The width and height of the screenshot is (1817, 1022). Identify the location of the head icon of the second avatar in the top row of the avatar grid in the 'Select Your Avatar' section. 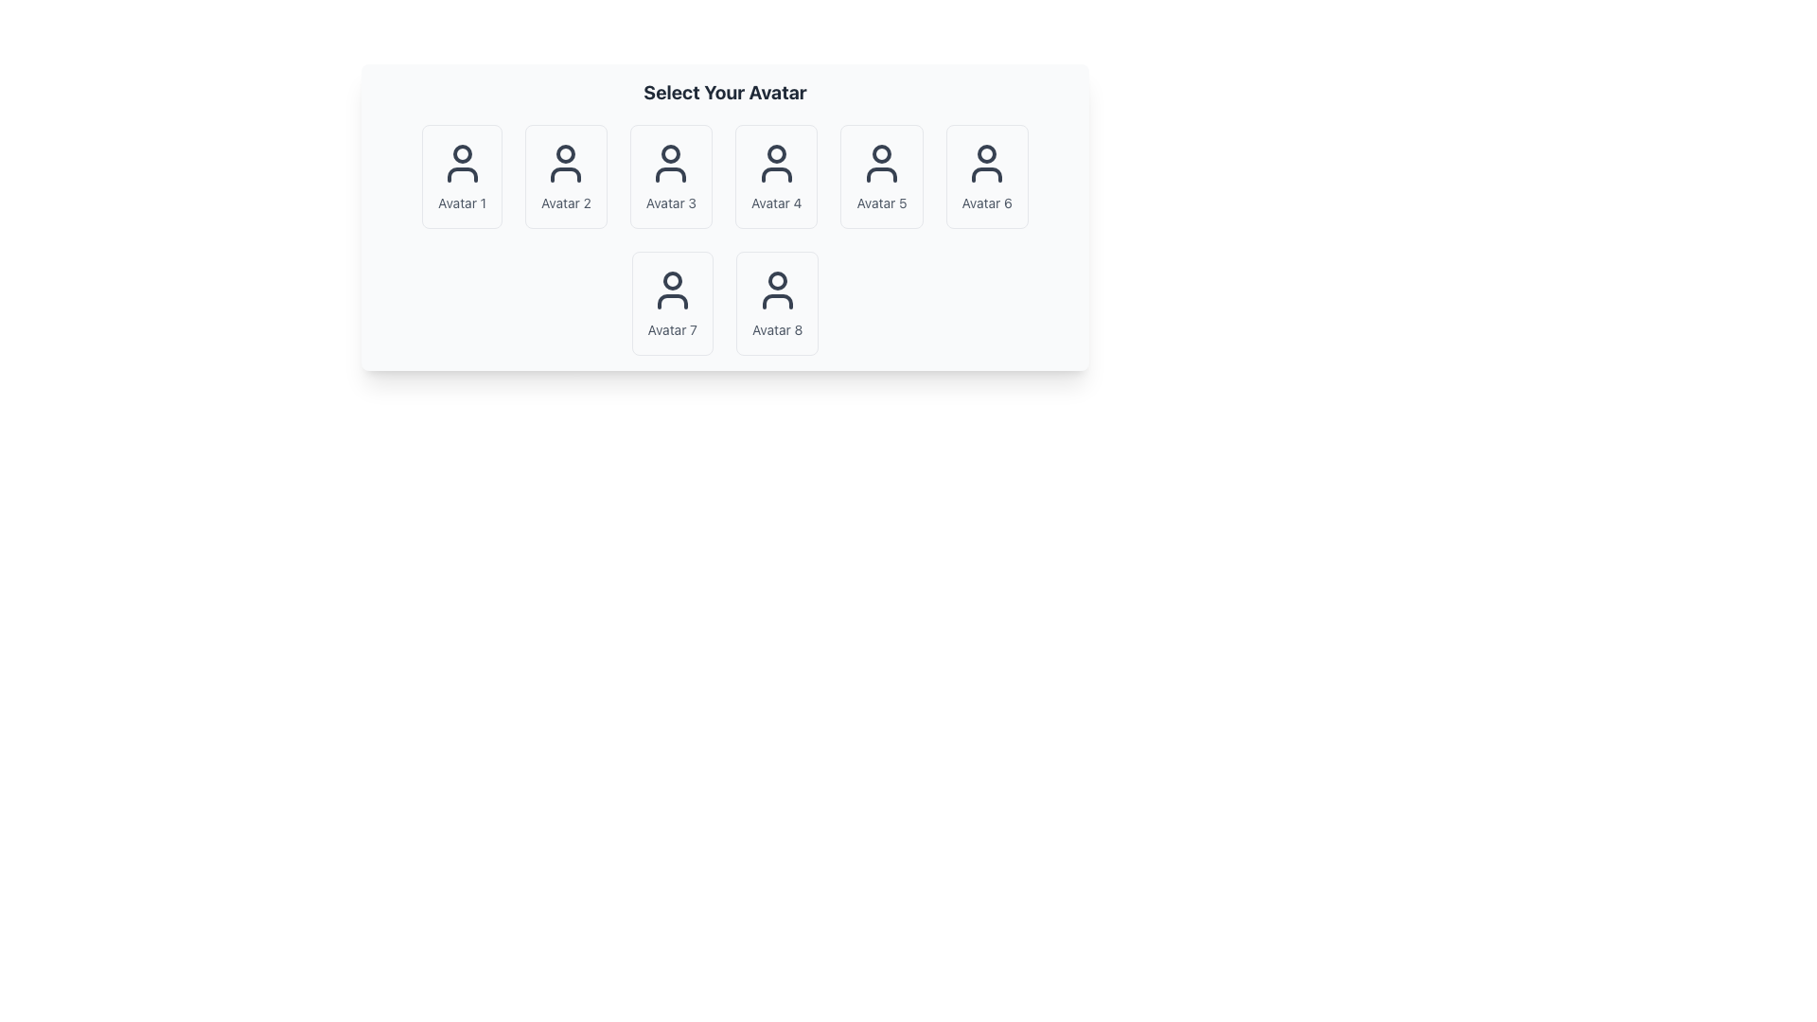
(565, 152).